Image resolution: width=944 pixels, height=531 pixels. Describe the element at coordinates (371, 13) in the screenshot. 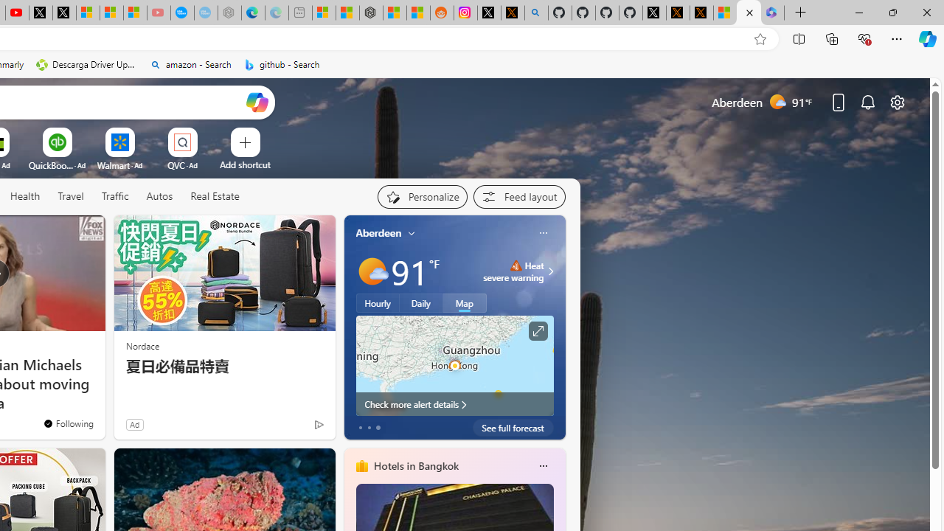

I see `'Nordace - Duffels'` at that location.